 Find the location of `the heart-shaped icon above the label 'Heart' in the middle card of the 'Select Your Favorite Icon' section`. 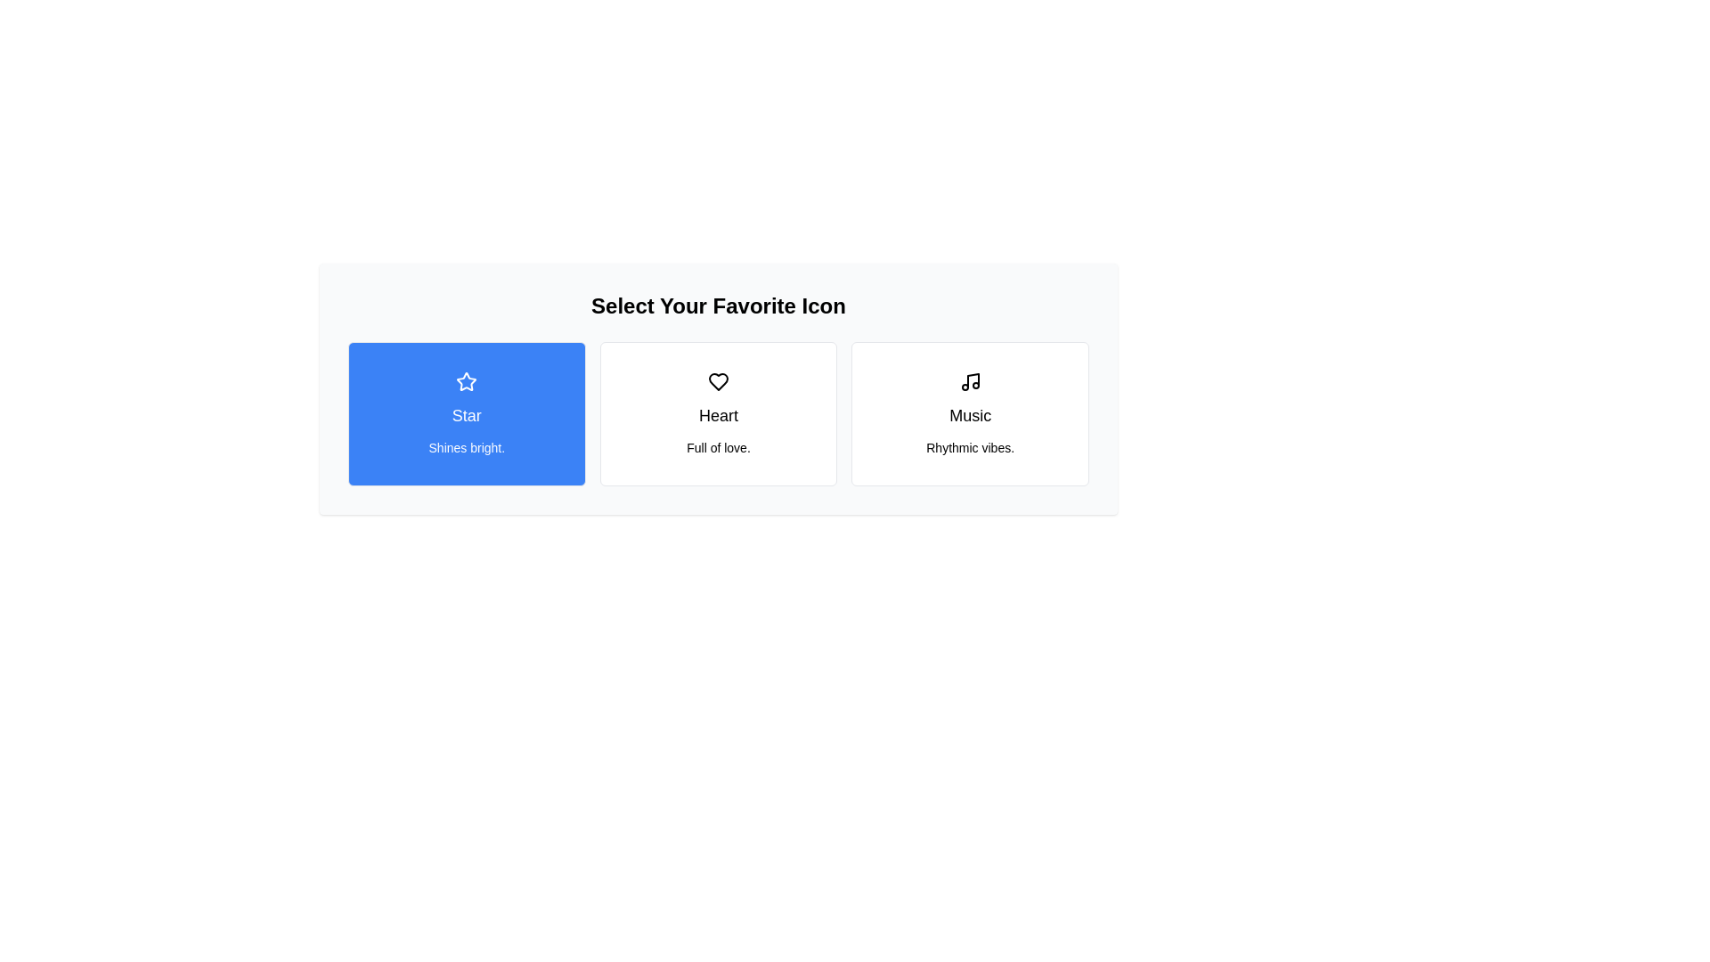

the heart-shaped icon above the label 'Heart' in the middle card of the 'Select Your Favorite Icon' section is located at coordinates (718, 380).